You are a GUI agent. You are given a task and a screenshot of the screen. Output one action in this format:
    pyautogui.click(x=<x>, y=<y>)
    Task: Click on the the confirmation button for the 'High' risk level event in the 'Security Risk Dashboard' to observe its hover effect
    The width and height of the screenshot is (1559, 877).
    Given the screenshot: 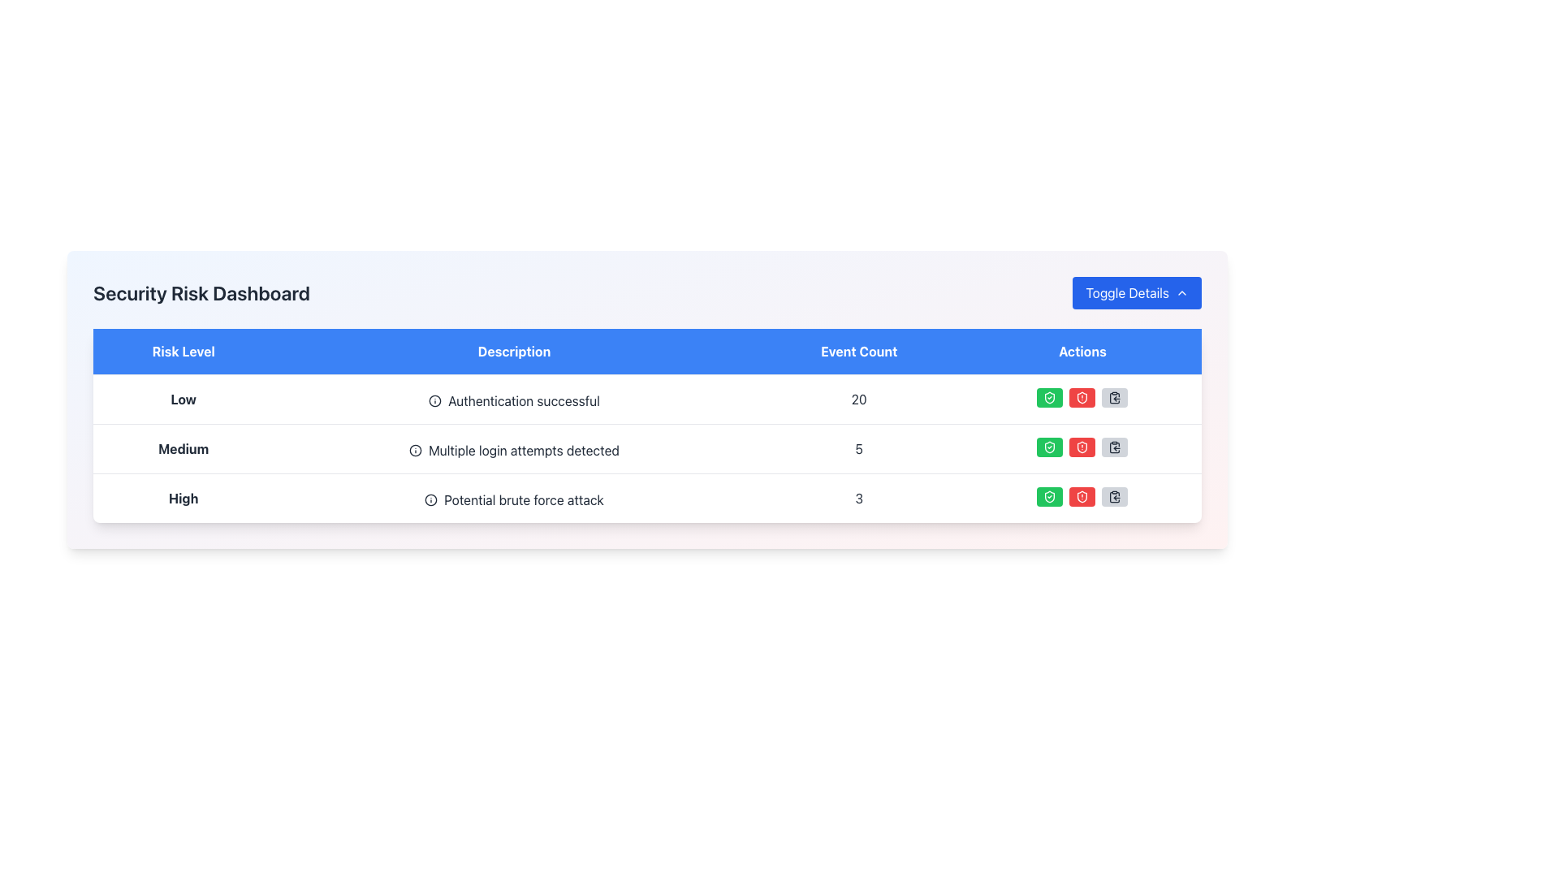 What is the action you would take?
    pyautogui.click(x=1050, y=496)
    